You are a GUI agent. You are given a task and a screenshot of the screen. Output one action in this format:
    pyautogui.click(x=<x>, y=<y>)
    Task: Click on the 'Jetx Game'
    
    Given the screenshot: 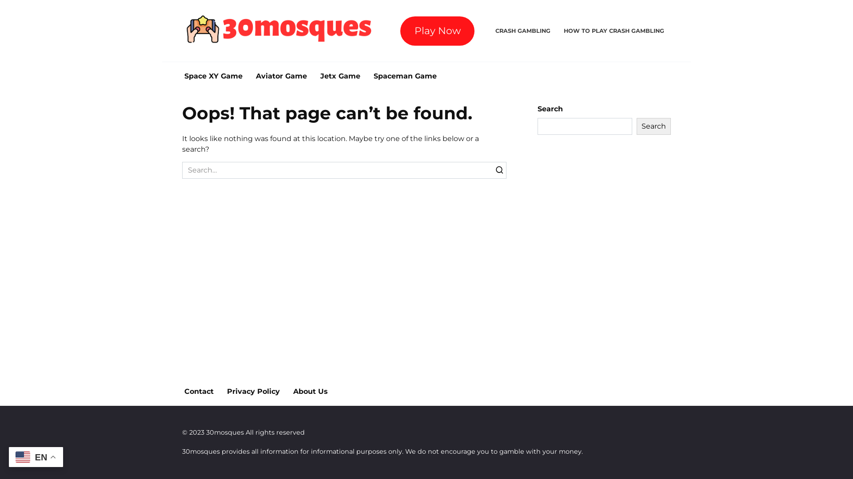 What is the action you would take?
    pyautogui.click(x=340, y=76)
    